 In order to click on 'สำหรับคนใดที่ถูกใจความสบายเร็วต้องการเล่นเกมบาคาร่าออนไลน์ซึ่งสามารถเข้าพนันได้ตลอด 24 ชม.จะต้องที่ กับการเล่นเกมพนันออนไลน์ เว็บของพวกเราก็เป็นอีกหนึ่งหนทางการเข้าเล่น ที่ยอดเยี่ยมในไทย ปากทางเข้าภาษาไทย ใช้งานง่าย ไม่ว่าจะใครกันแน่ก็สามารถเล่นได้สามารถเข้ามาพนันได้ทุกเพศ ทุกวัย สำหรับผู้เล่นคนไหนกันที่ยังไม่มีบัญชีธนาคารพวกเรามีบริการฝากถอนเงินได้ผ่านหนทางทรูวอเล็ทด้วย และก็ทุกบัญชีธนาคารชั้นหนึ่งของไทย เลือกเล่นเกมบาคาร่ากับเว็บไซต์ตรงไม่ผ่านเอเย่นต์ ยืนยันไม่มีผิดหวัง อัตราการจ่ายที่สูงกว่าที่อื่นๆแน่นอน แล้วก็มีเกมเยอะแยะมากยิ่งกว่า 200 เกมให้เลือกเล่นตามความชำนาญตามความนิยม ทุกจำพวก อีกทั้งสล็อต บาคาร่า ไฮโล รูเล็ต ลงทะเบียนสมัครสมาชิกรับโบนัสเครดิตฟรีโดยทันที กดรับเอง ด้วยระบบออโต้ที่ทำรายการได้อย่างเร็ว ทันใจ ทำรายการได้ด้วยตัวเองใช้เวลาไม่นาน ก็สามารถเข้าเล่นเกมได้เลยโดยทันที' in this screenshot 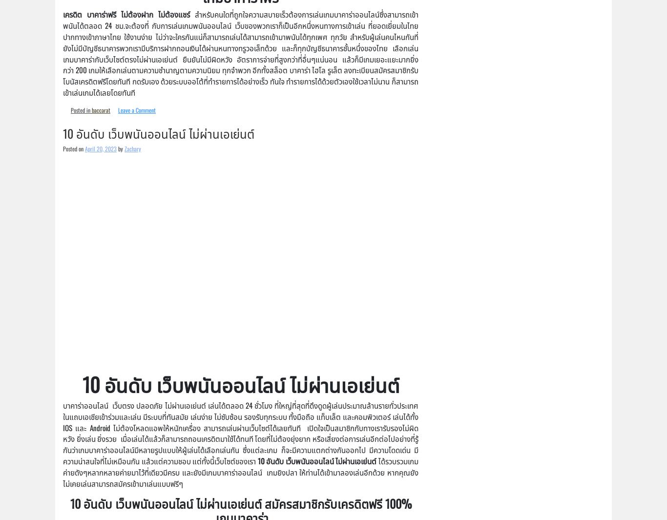, I will do `click(240, 52)`.